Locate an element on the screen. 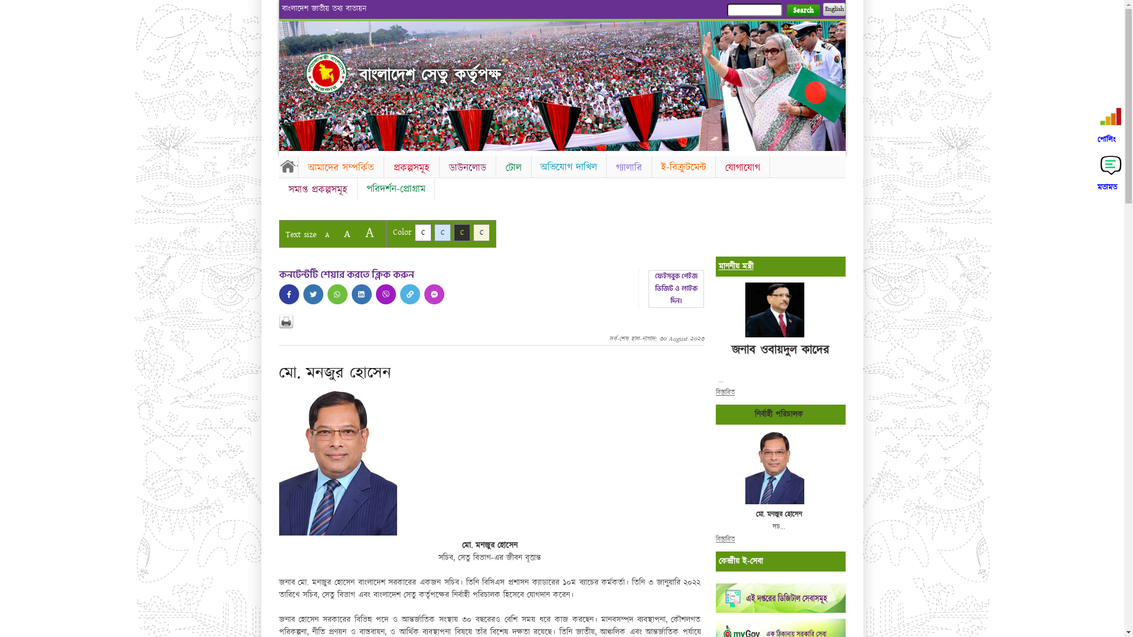 This screenshot has height=637, width=1133. 'Home' is located at coordinates (326, 73).